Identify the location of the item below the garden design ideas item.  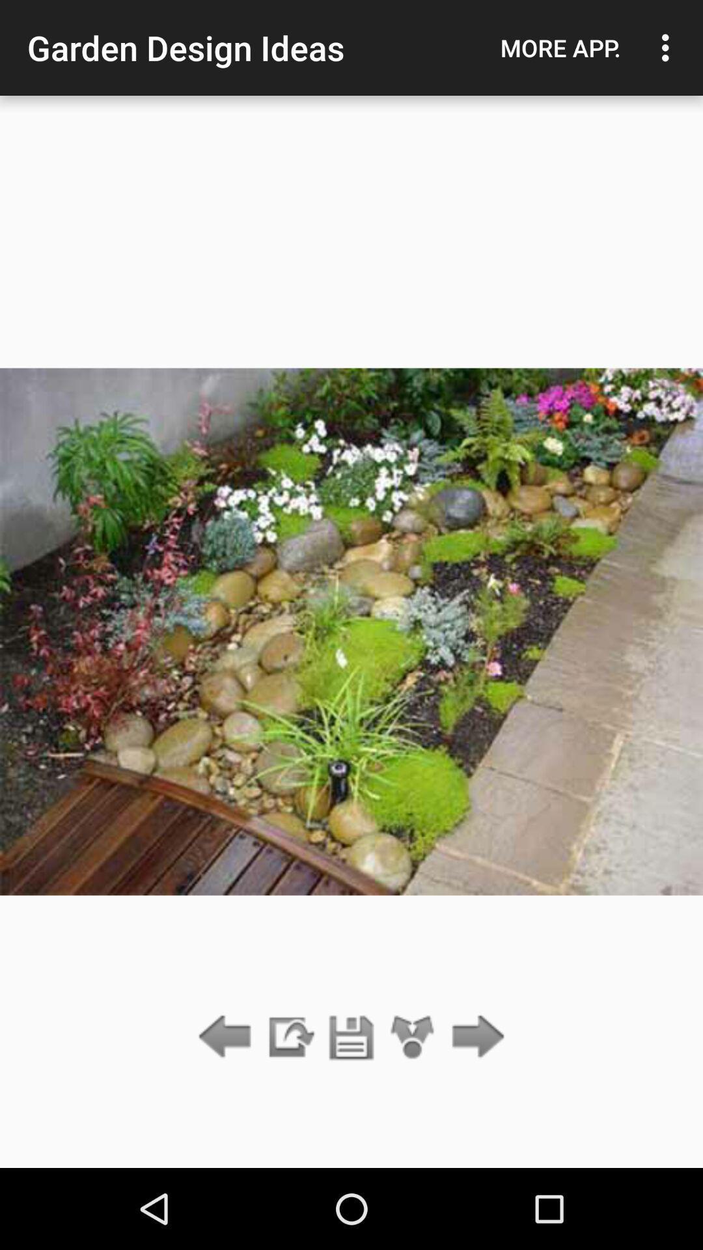
(289, 1037).